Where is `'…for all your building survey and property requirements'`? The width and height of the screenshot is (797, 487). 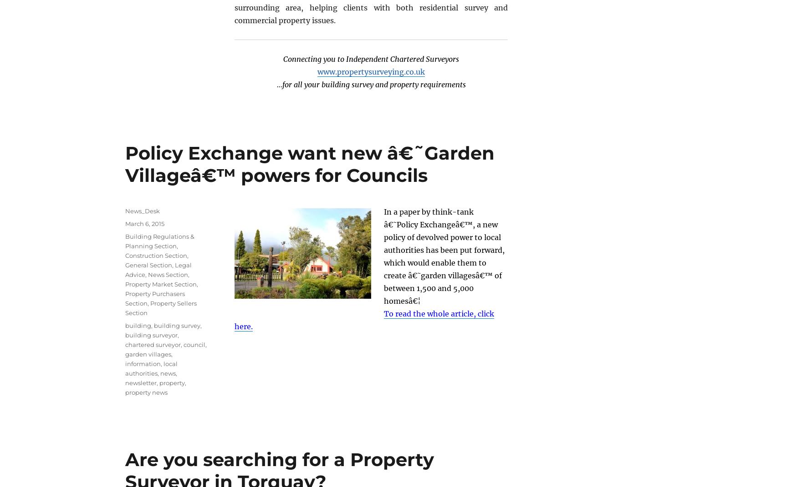
'…for all your building survey and property requirements' is located at coordinates (276, 83).